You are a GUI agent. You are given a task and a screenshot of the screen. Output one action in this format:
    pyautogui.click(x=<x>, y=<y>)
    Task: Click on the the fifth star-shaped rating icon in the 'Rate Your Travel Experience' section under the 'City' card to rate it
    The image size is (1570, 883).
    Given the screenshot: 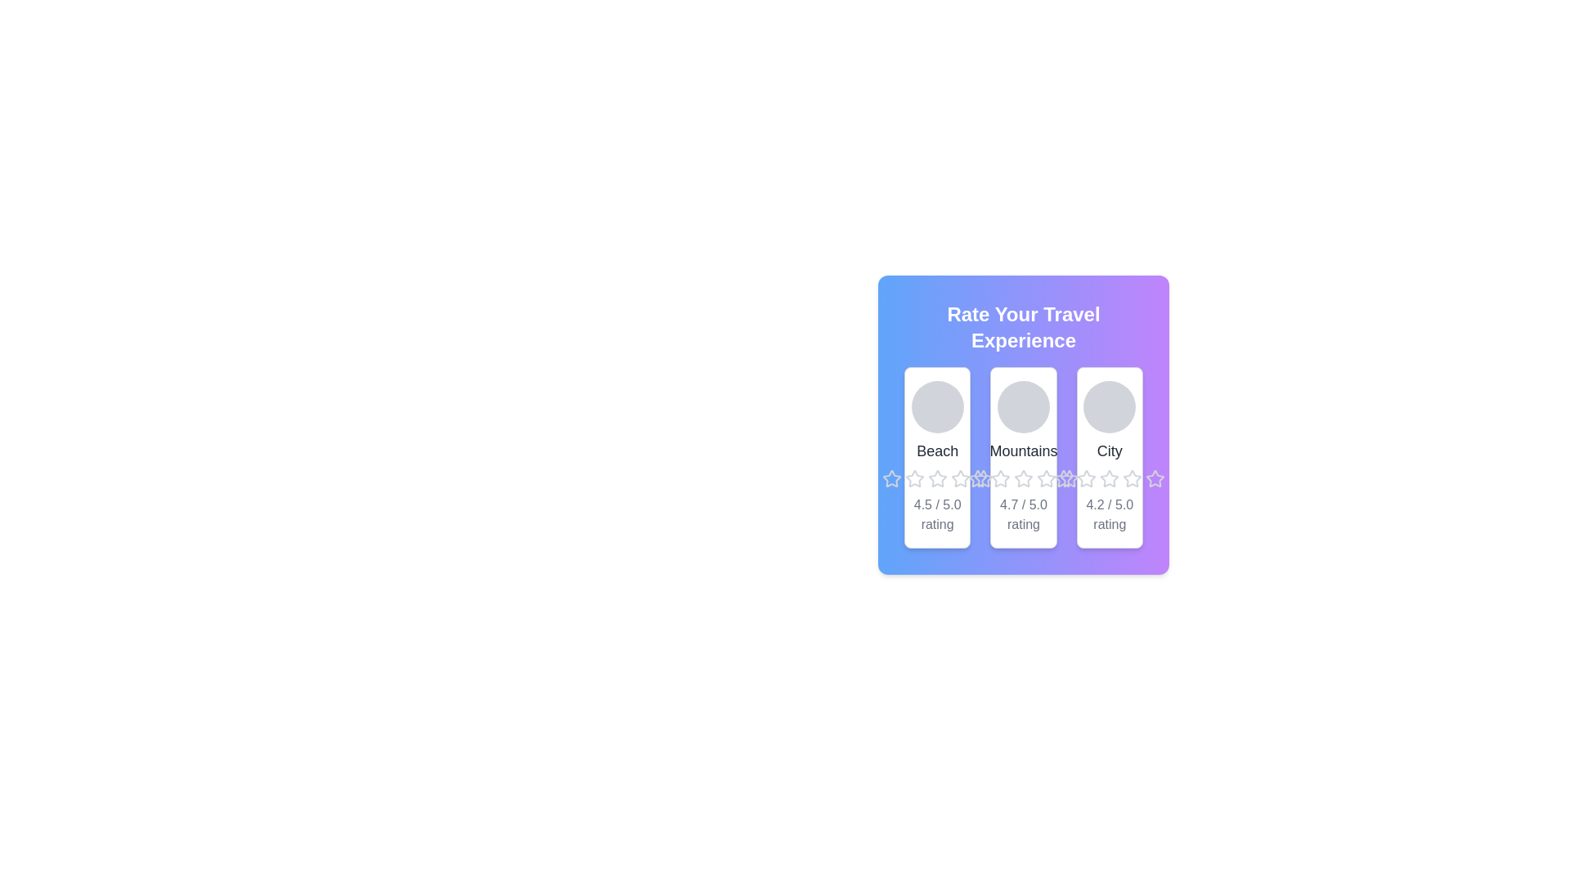 What is the action you would take?
    pyautogui.click(x=1070, y=478)
    